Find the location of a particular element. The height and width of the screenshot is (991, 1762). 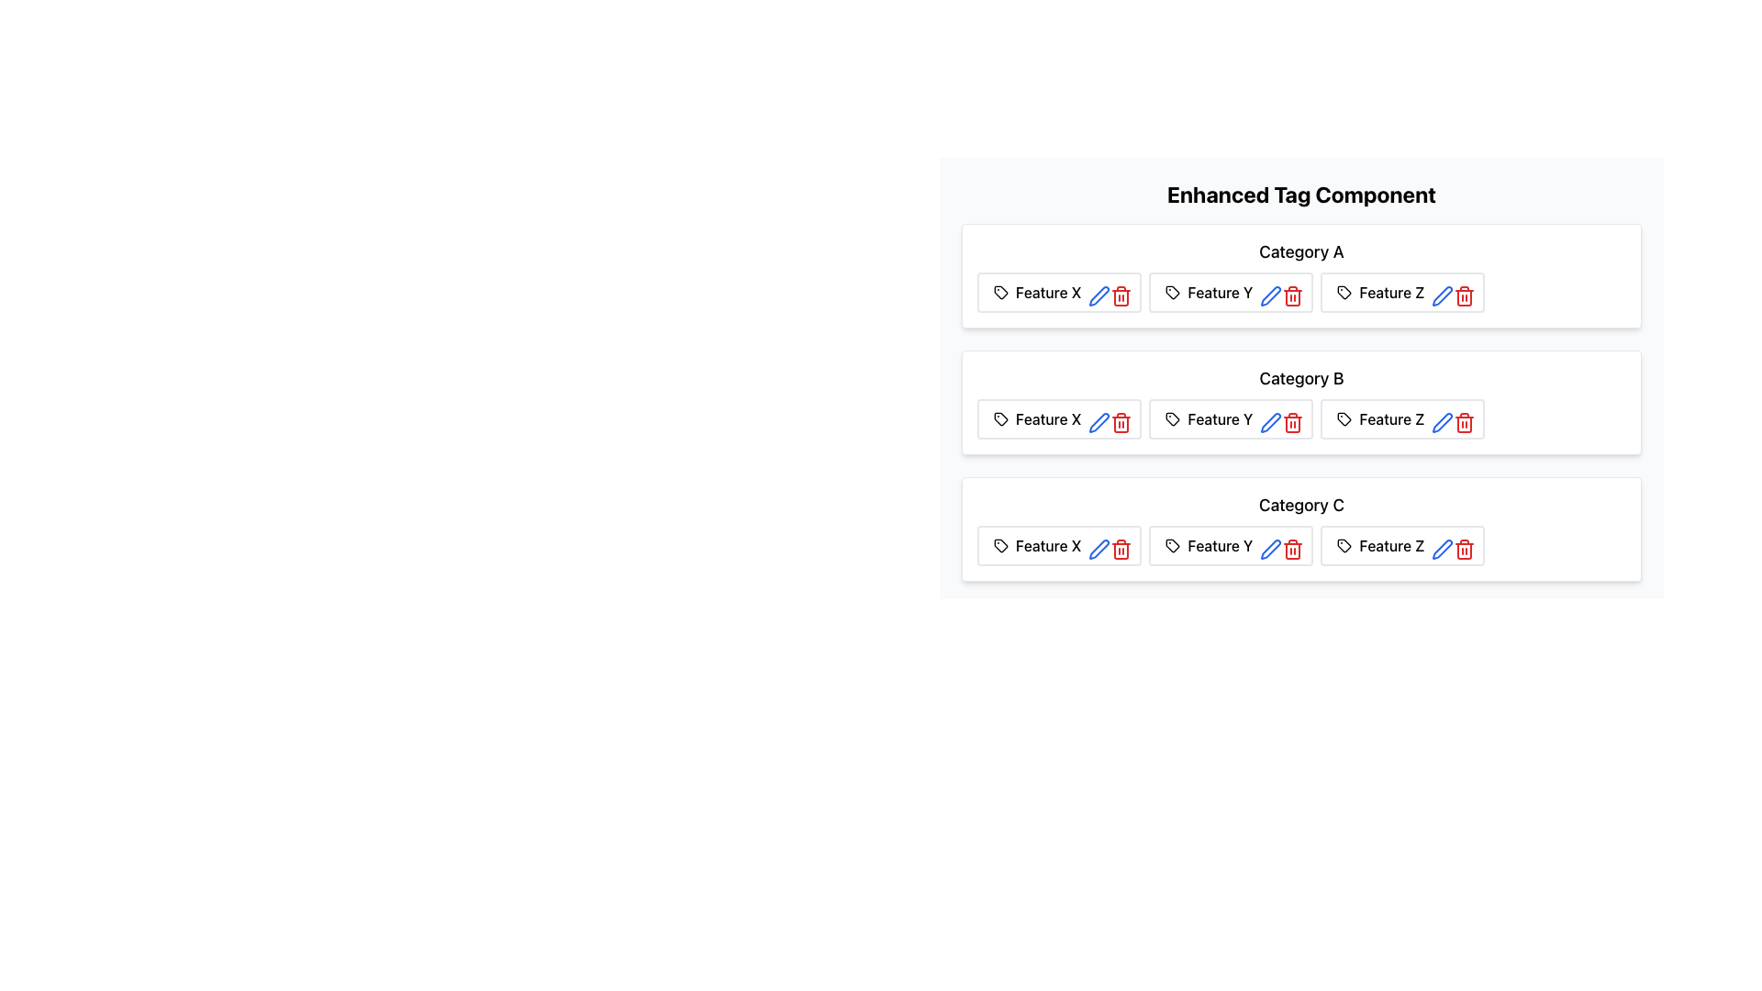

the 'Feature Z' label in the second category group 'Category B' is located at coordinates (1391, 418).